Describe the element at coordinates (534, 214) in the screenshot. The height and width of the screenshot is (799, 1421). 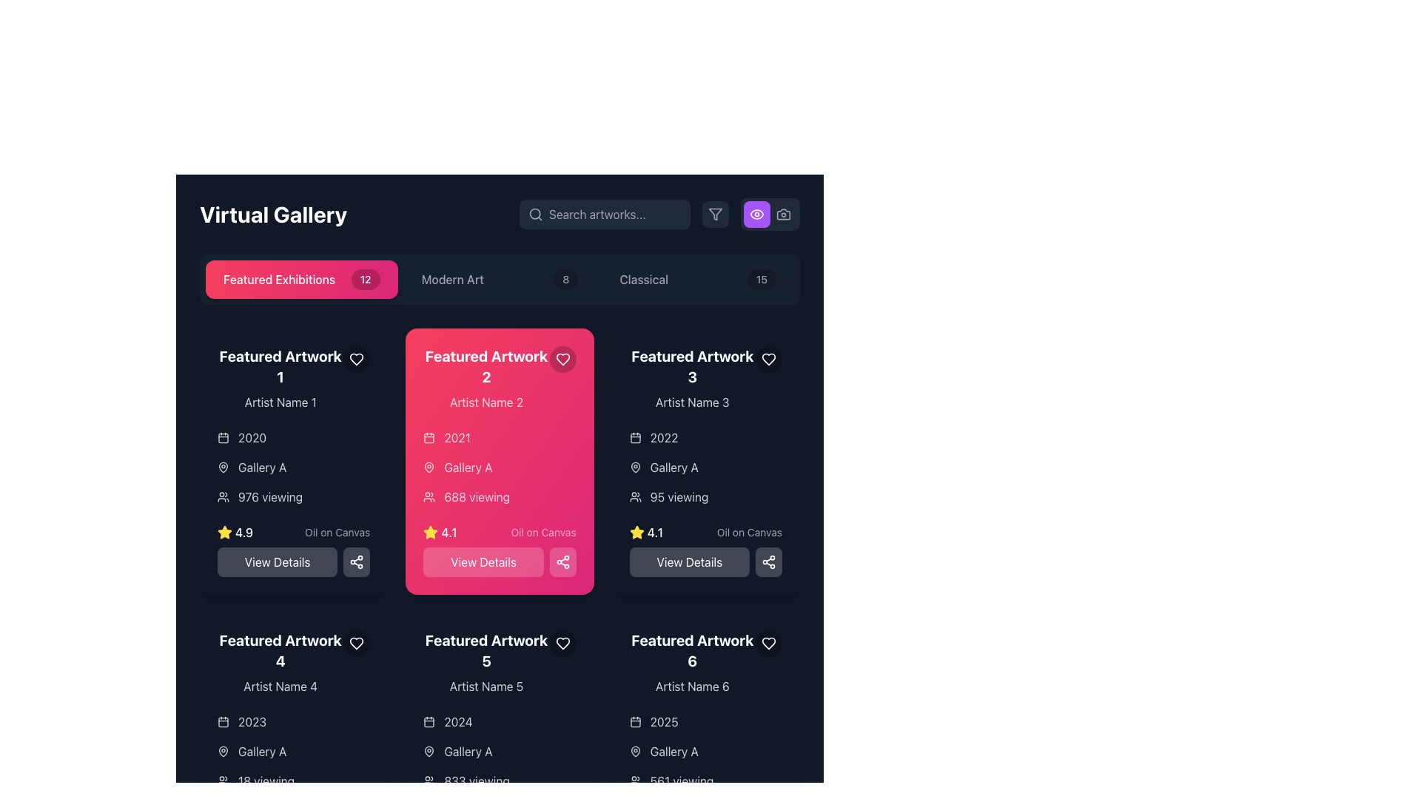
I see `the search icon represented by a magnifying glass located near the top-right corner of the interface, adjacent to the 'Search artworks...' input field` at that location.